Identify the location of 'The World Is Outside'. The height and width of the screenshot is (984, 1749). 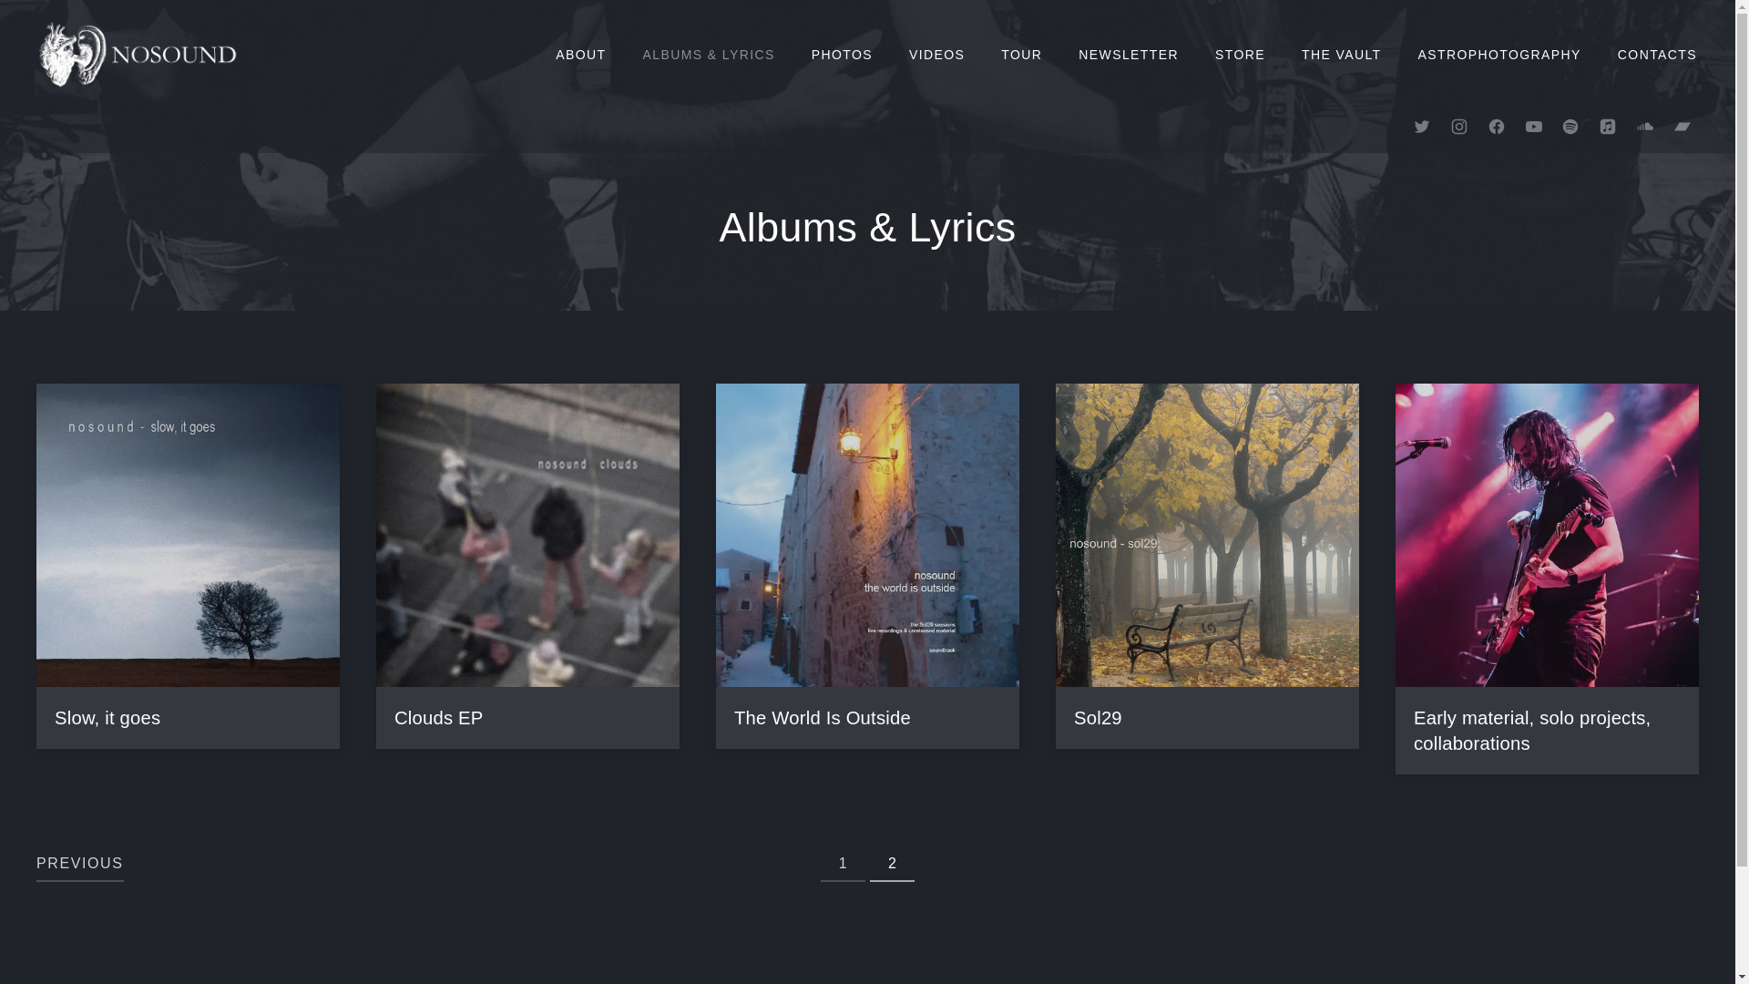
(734, 718).